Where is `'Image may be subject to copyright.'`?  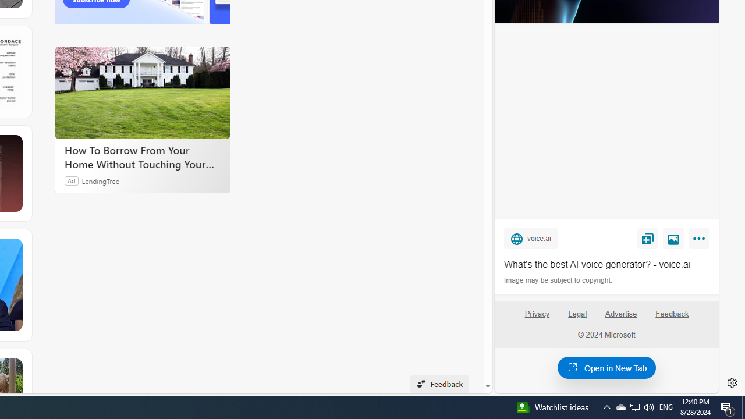 'Image may be subject to copyright.' is located at coordinates (559, 280).